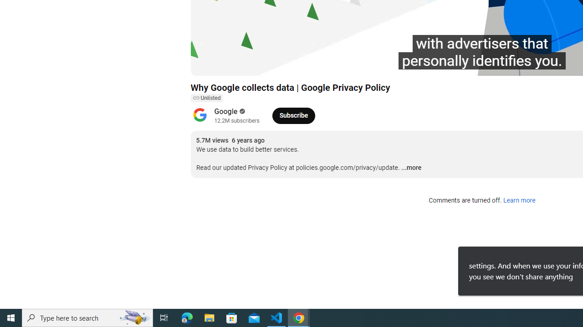 The image size is (583, 327). What do you see at coordinates (241, 111) in the screenshot?
I see `'Verified'` at bounding box center [241, 111].